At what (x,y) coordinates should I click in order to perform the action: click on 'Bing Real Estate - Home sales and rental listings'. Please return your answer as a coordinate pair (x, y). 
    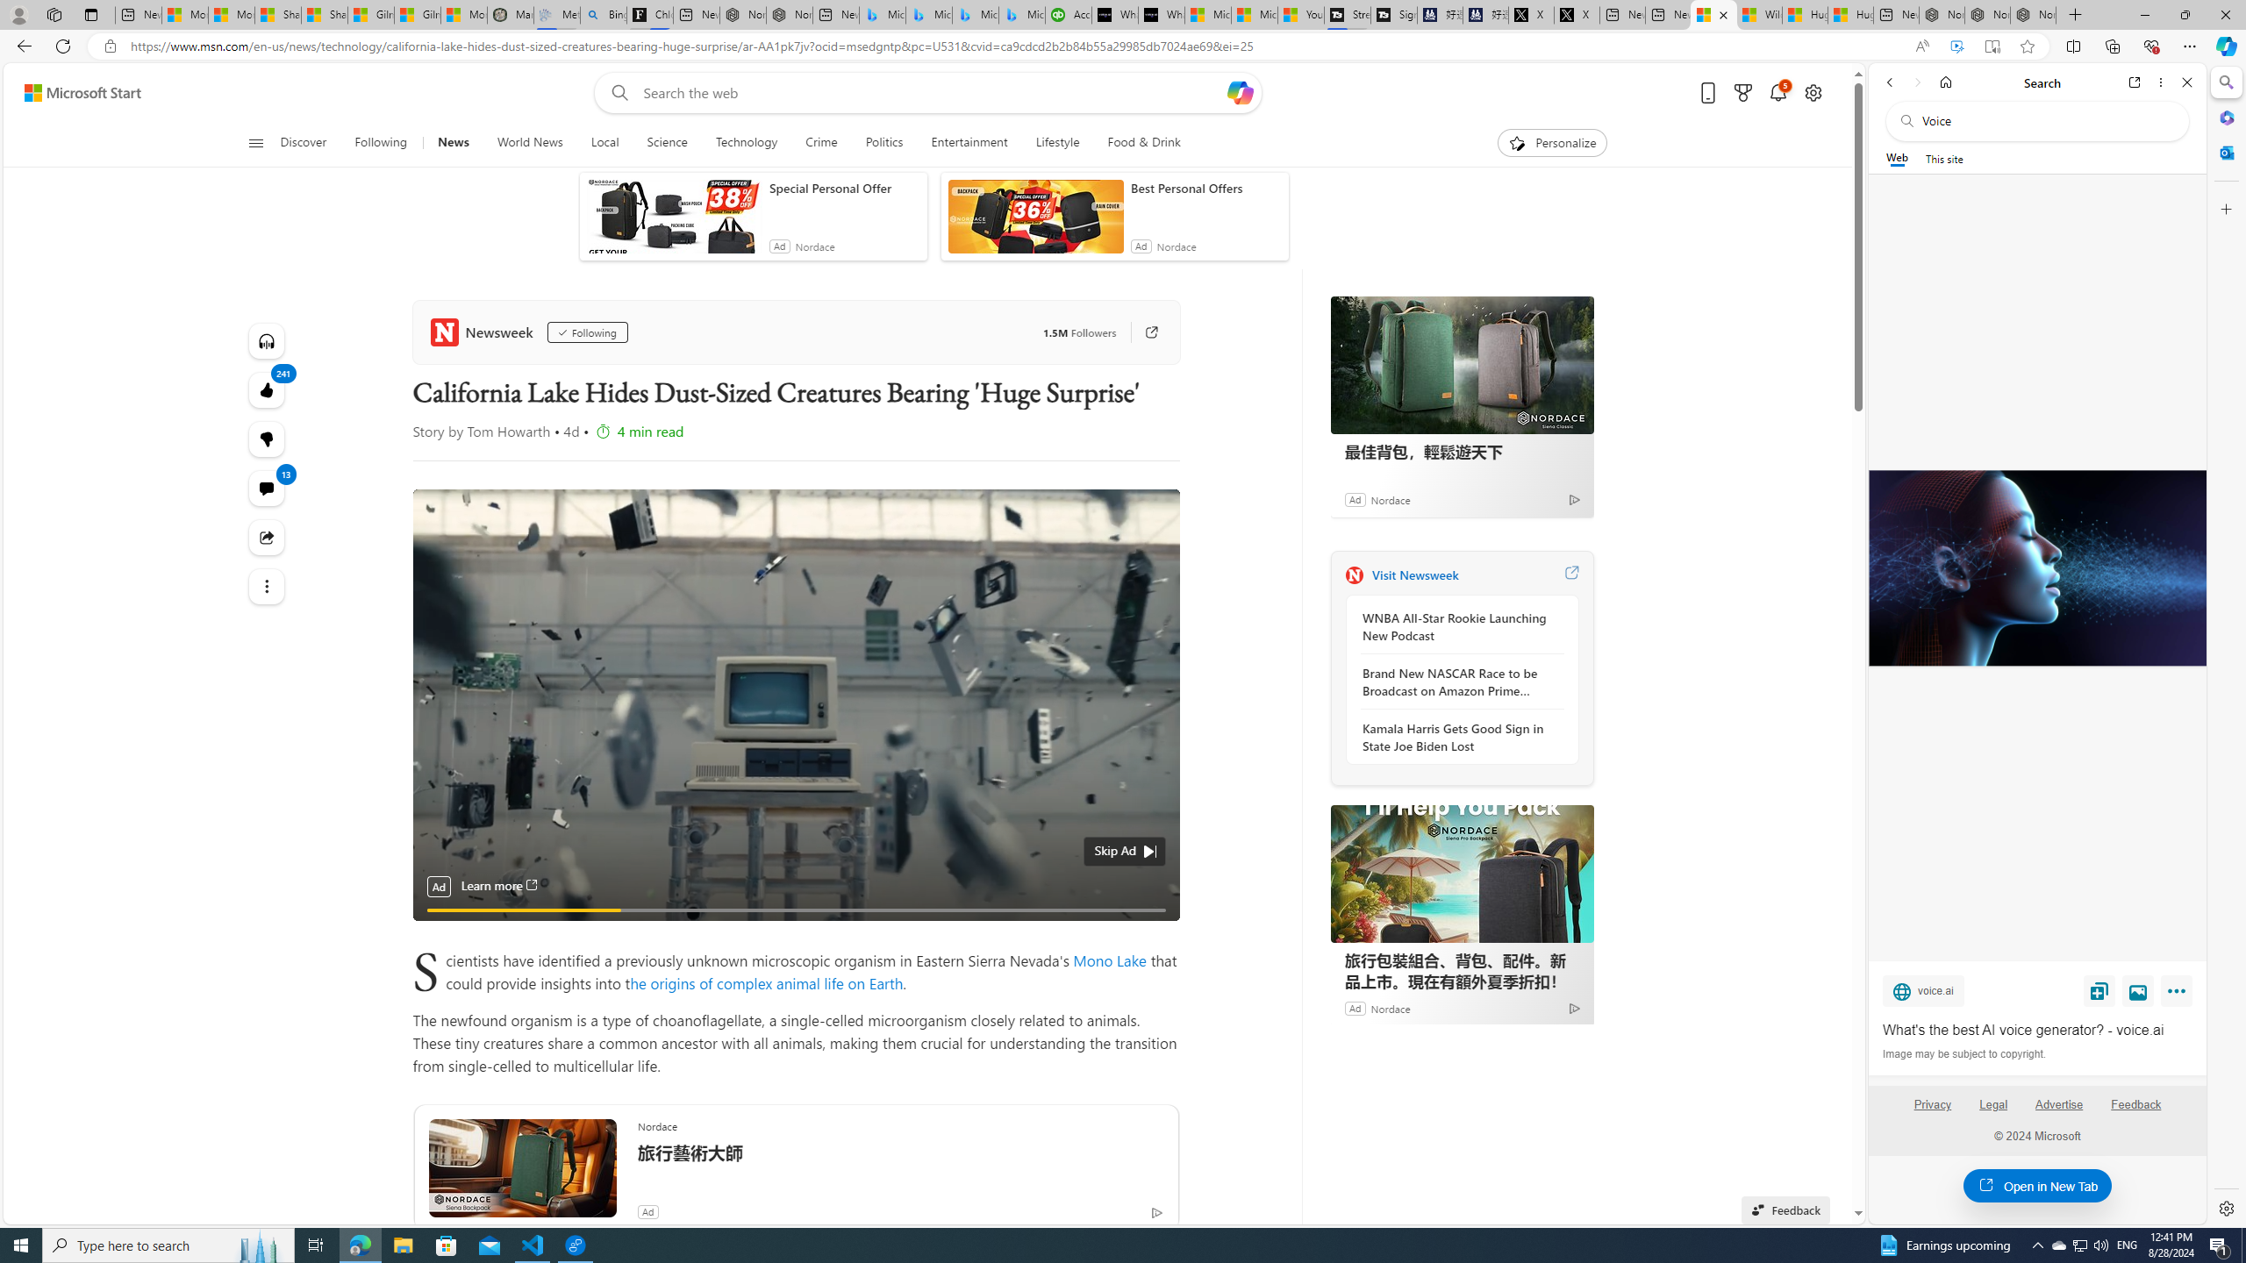
    Looking at the image, I should click on (602, 14).